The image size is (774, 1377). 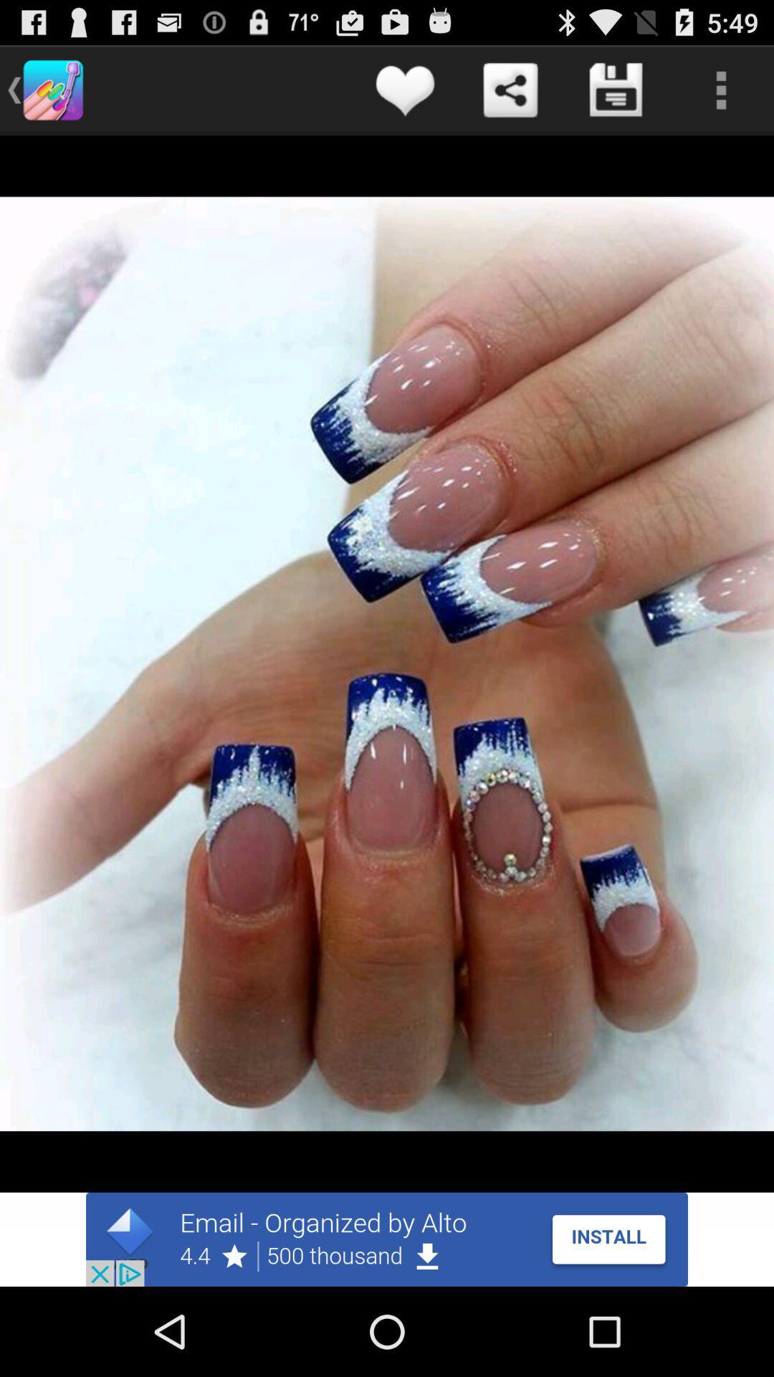 What do you see at coordinates (387, 1239) in the screenshot?
I see `advertisement from outside source` at bounding box center [387, 1239].